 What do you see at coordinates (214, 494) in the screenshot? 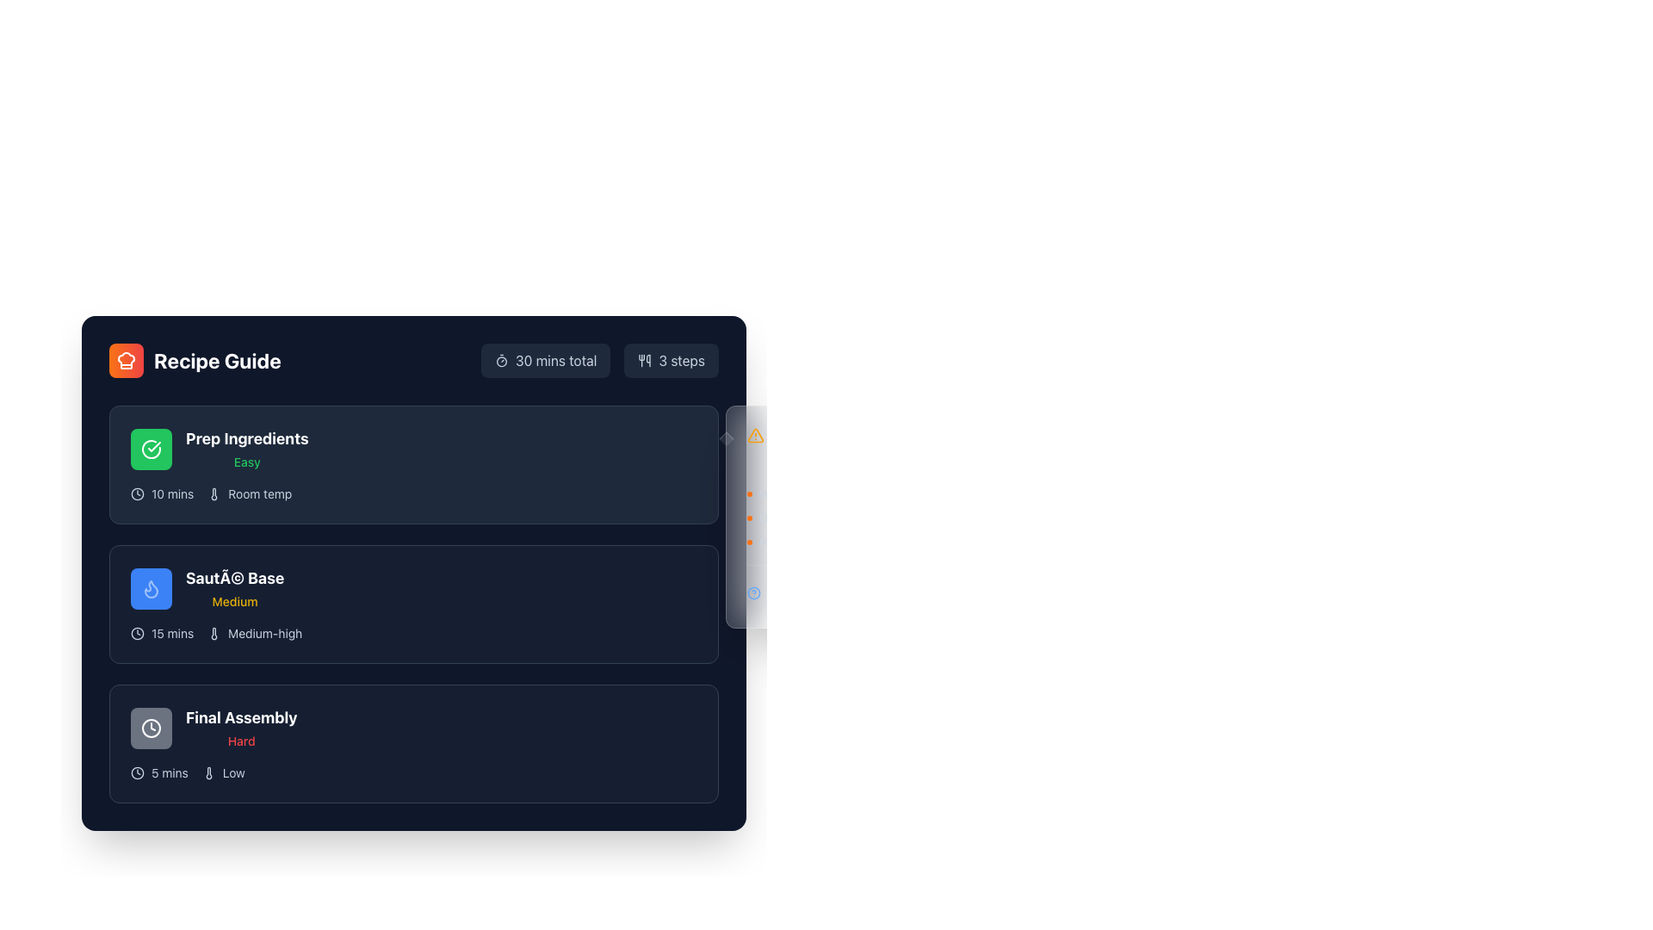
I see `the thermometer icon located to the left of the 'Room temp' text in the 'Prep Ingredients' section of the Recipe Guide interface` at bounding box center [214, 494].